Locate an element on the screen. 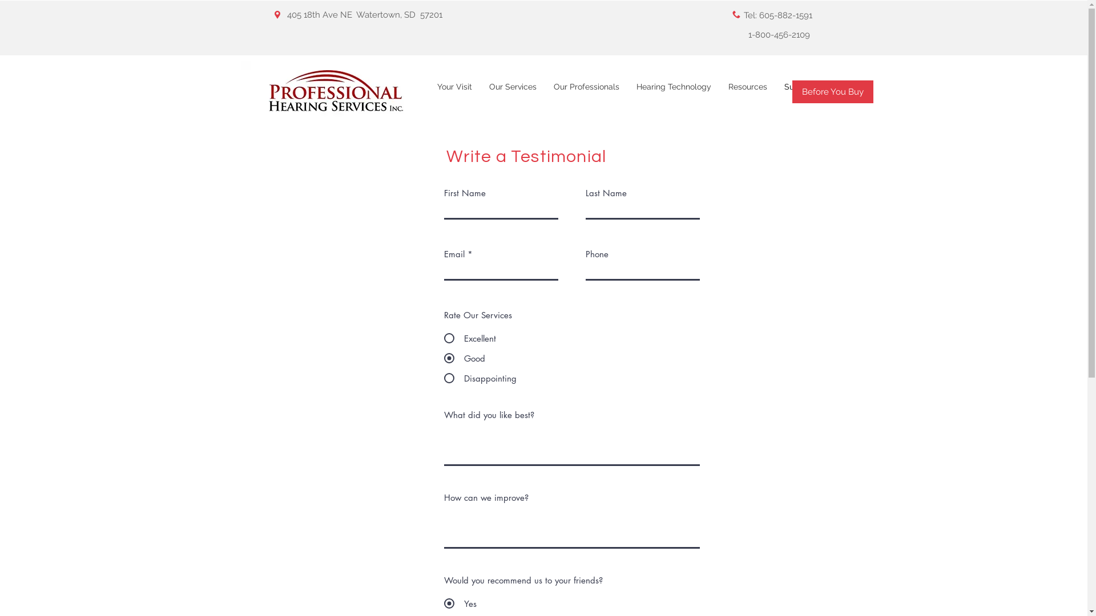 The height and width of the screenshot is (616, 1096). 'Success Stories' is located at coordinates (813, 91).